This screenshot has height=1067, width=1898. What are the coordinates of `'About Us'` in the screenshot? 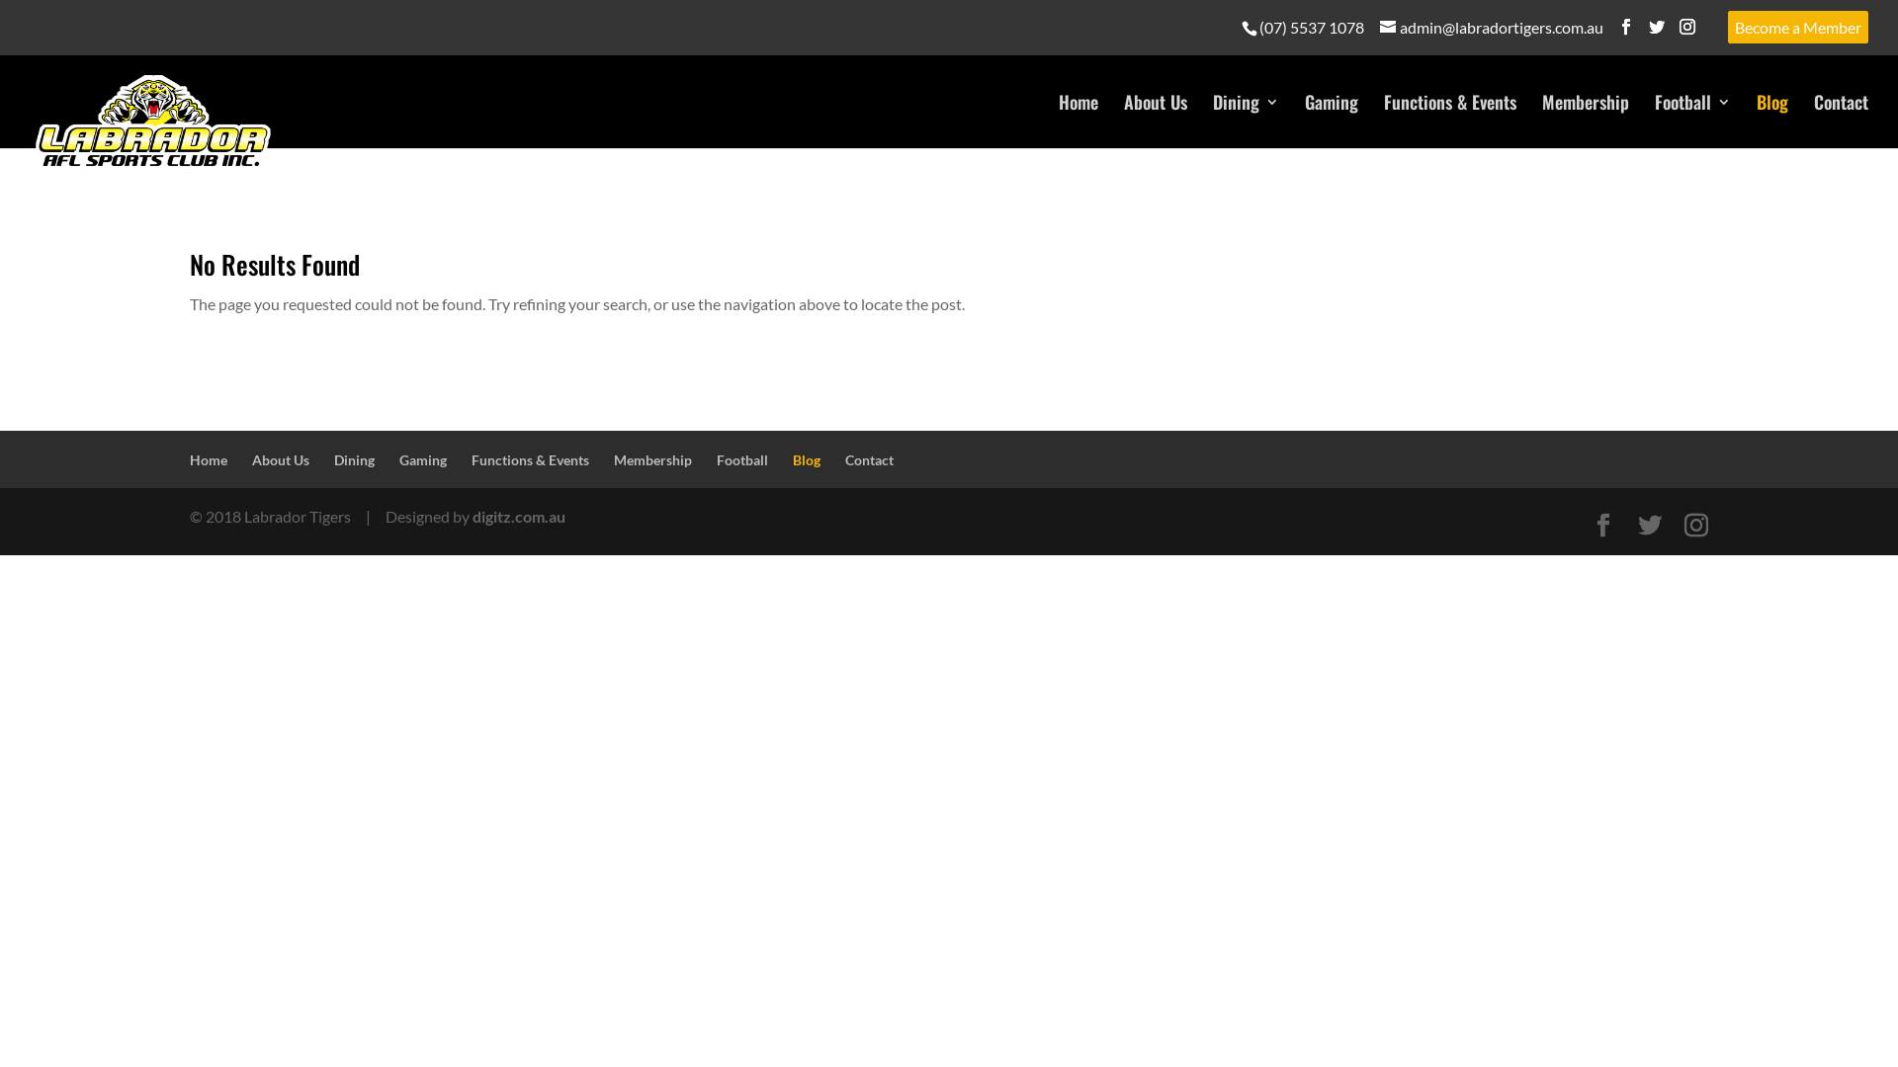 It's located at (279, 459).